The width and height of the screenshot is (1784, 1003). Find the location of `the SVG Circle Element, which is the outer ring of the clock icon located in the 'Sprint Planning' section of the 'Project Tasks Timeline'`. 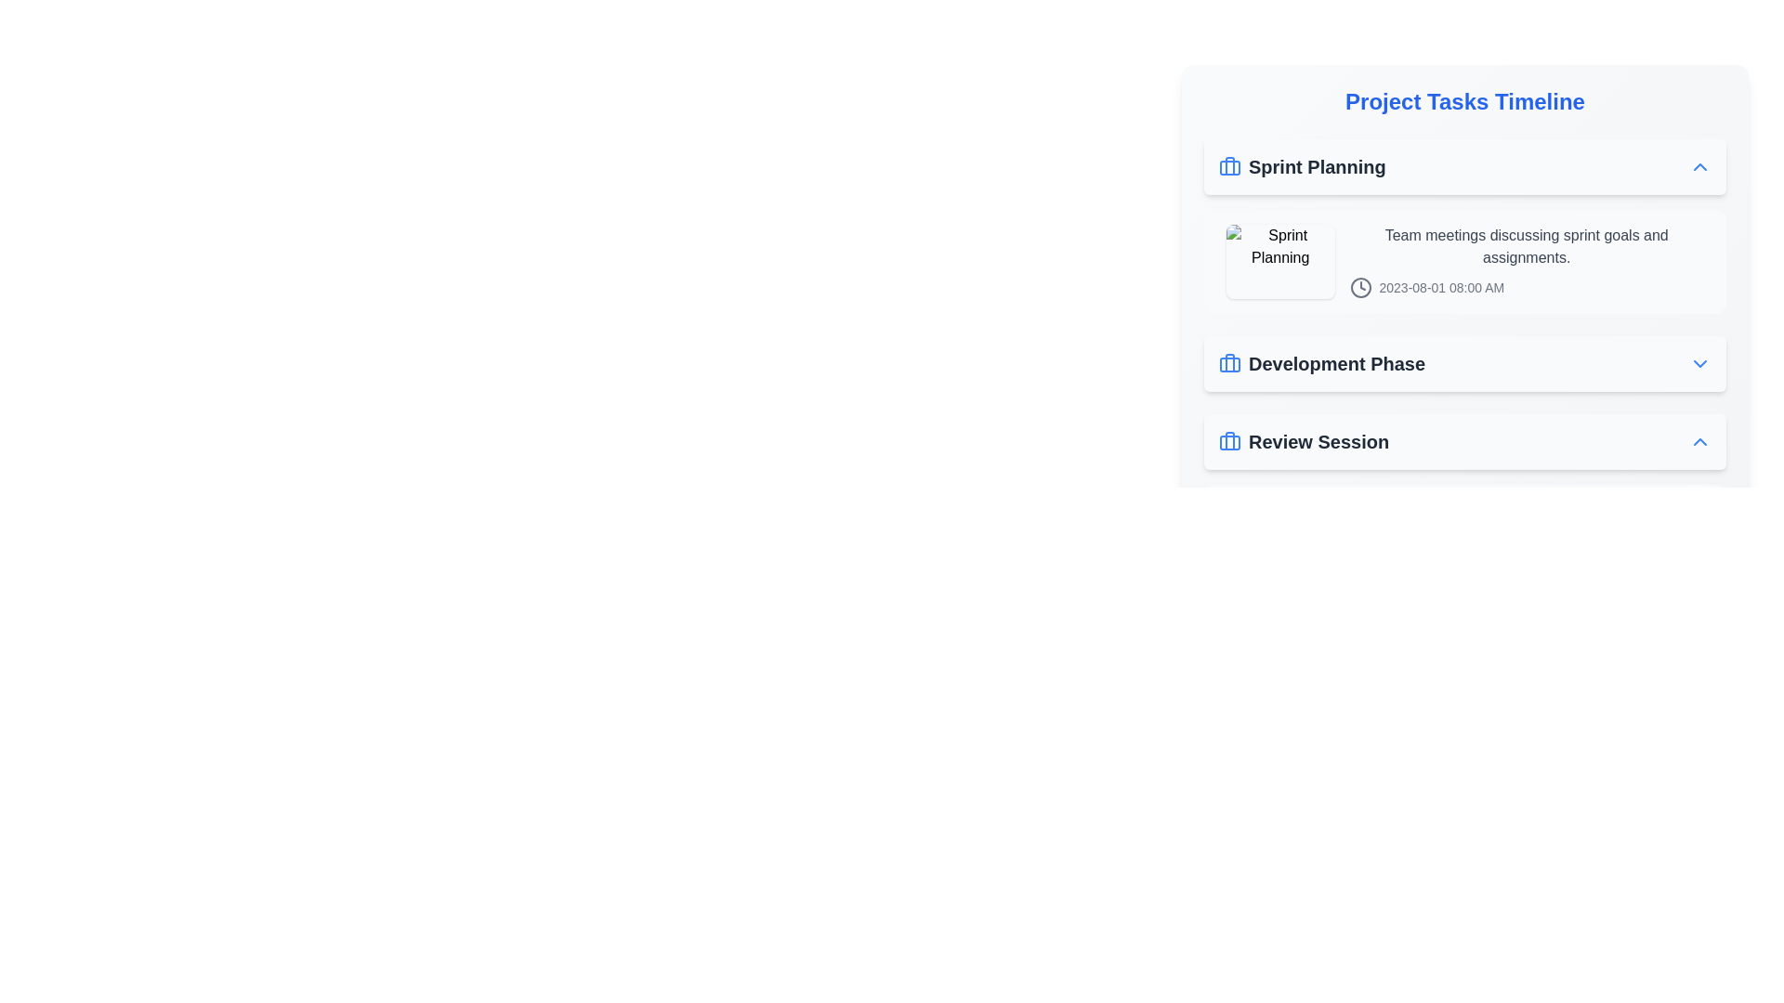

the SVG Circle Element, which is the outer ring of the clock icon located in the 'Sprint Planning' section of the 'Project Tasks Timeline' is located at coordinates (1360, 287).